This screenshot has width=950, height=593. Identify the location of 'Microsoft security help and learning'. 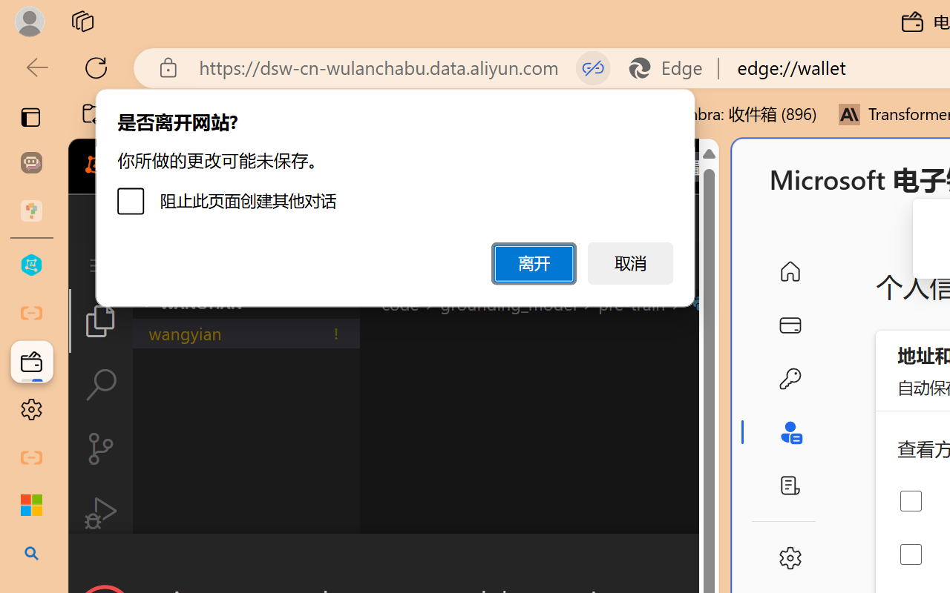
(31, 506).